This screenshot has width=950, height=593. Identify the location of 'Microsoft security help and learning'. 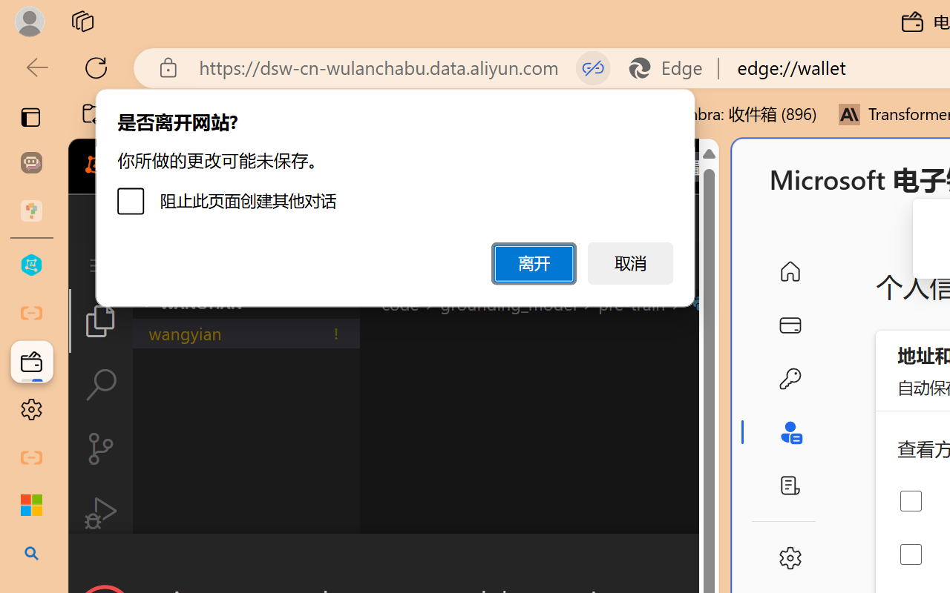
(31, 506).